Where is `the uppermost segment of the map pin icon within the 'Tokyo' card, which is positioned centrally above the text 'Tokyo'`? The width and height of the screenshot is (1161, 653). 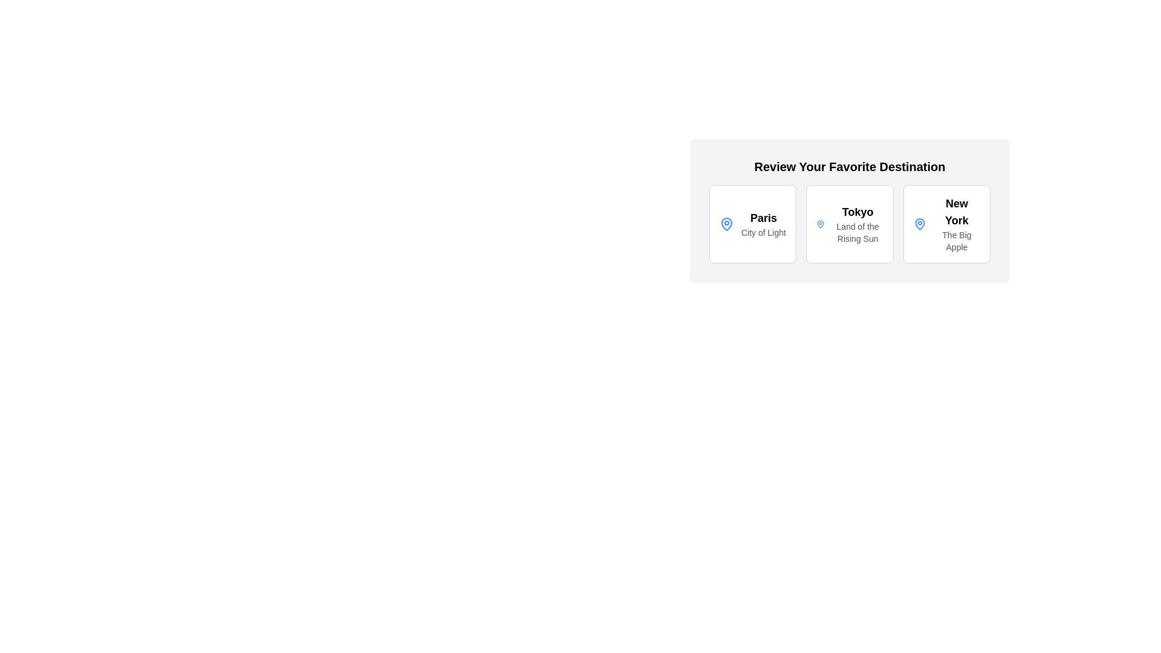
the uppermost segment of the map pin icon within the 'Tokyo' card, which is positioned centrally above the text 'Tokyo' is located at coordinates (821, 224).